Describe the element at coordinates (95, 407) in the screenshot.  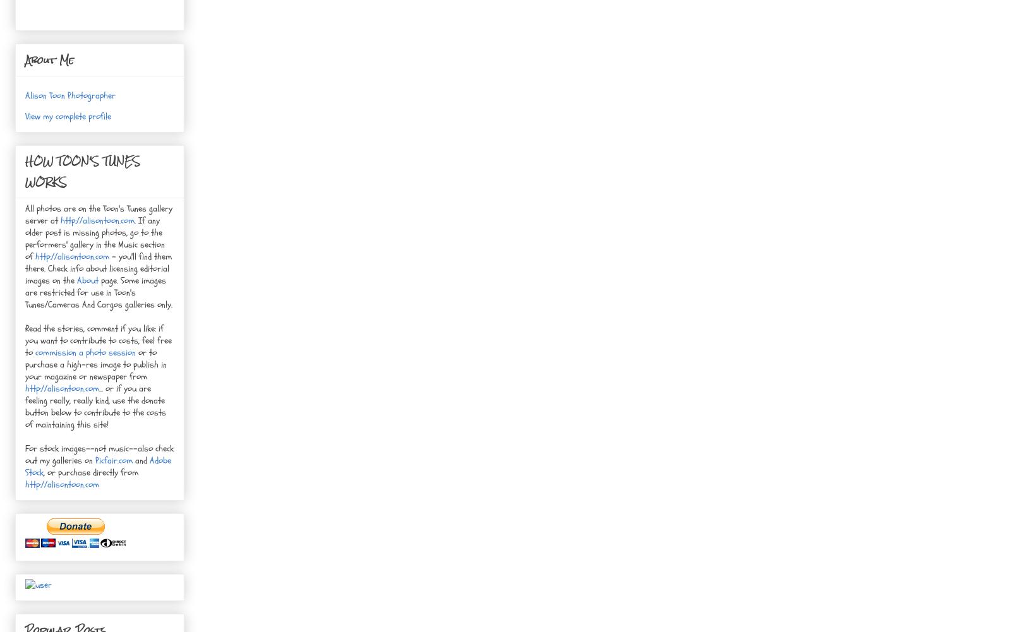
I see `'... or if you are feeling really, really kind, use the donate button below to contribute to the costs of maintaining this site!'` at that location.